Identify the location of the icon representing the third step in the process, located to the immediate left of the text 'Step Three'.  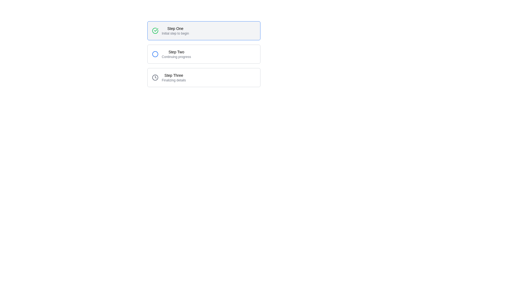
(155, 78).